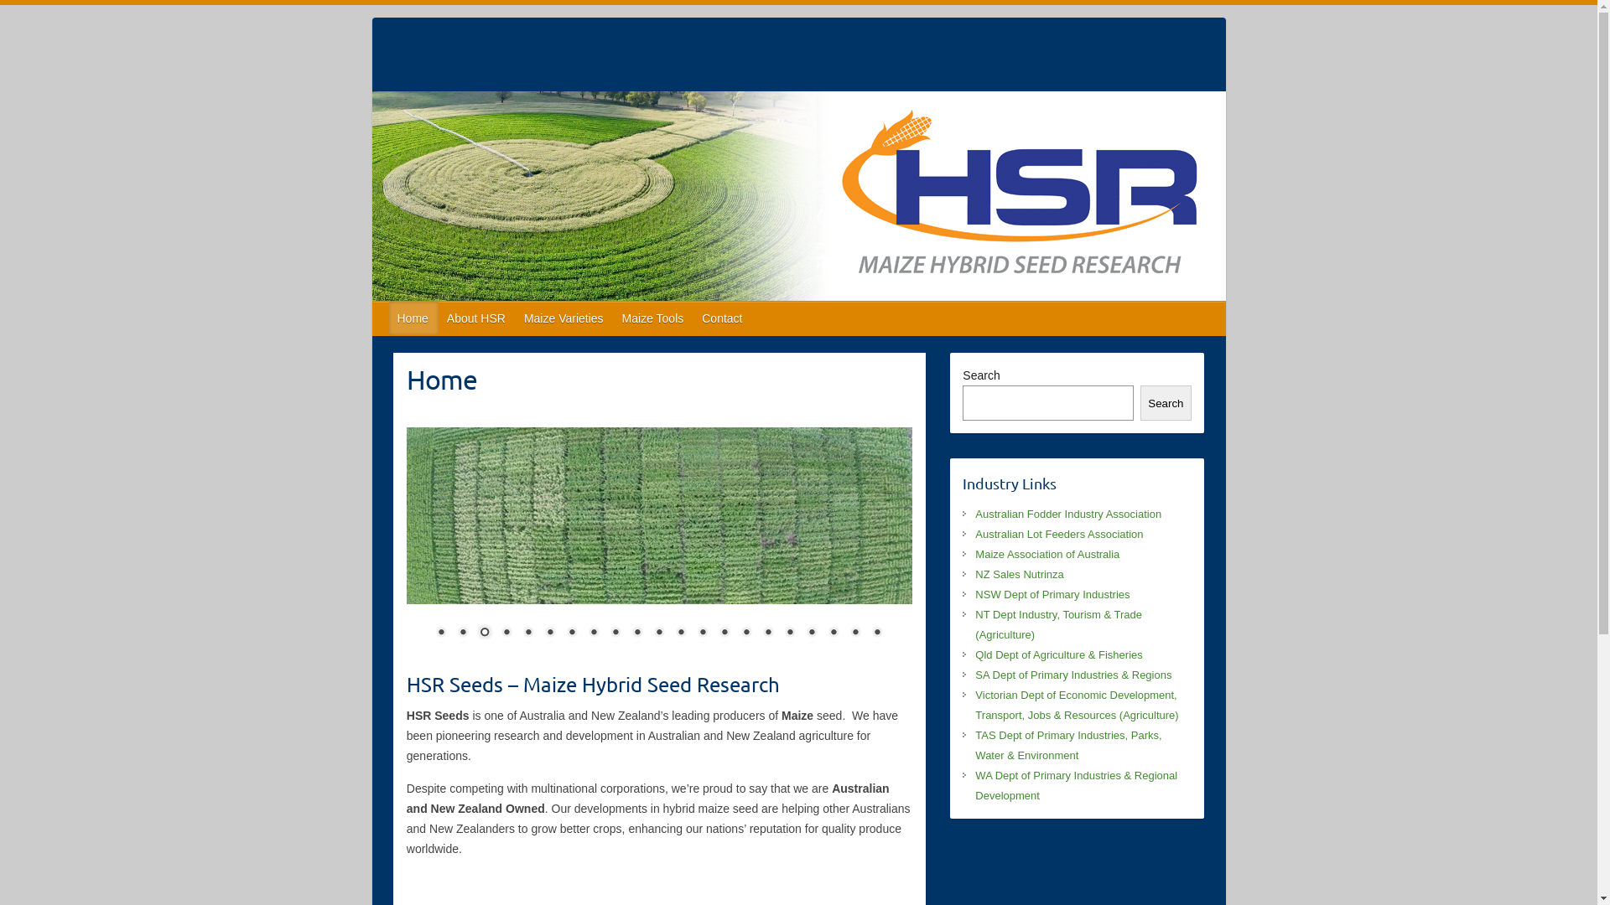 This screenshot has height=905, width=1610. What do you see at coordinates (658, 633) in the screenshot?
I see `'11'` at bounding box center [658, 633].